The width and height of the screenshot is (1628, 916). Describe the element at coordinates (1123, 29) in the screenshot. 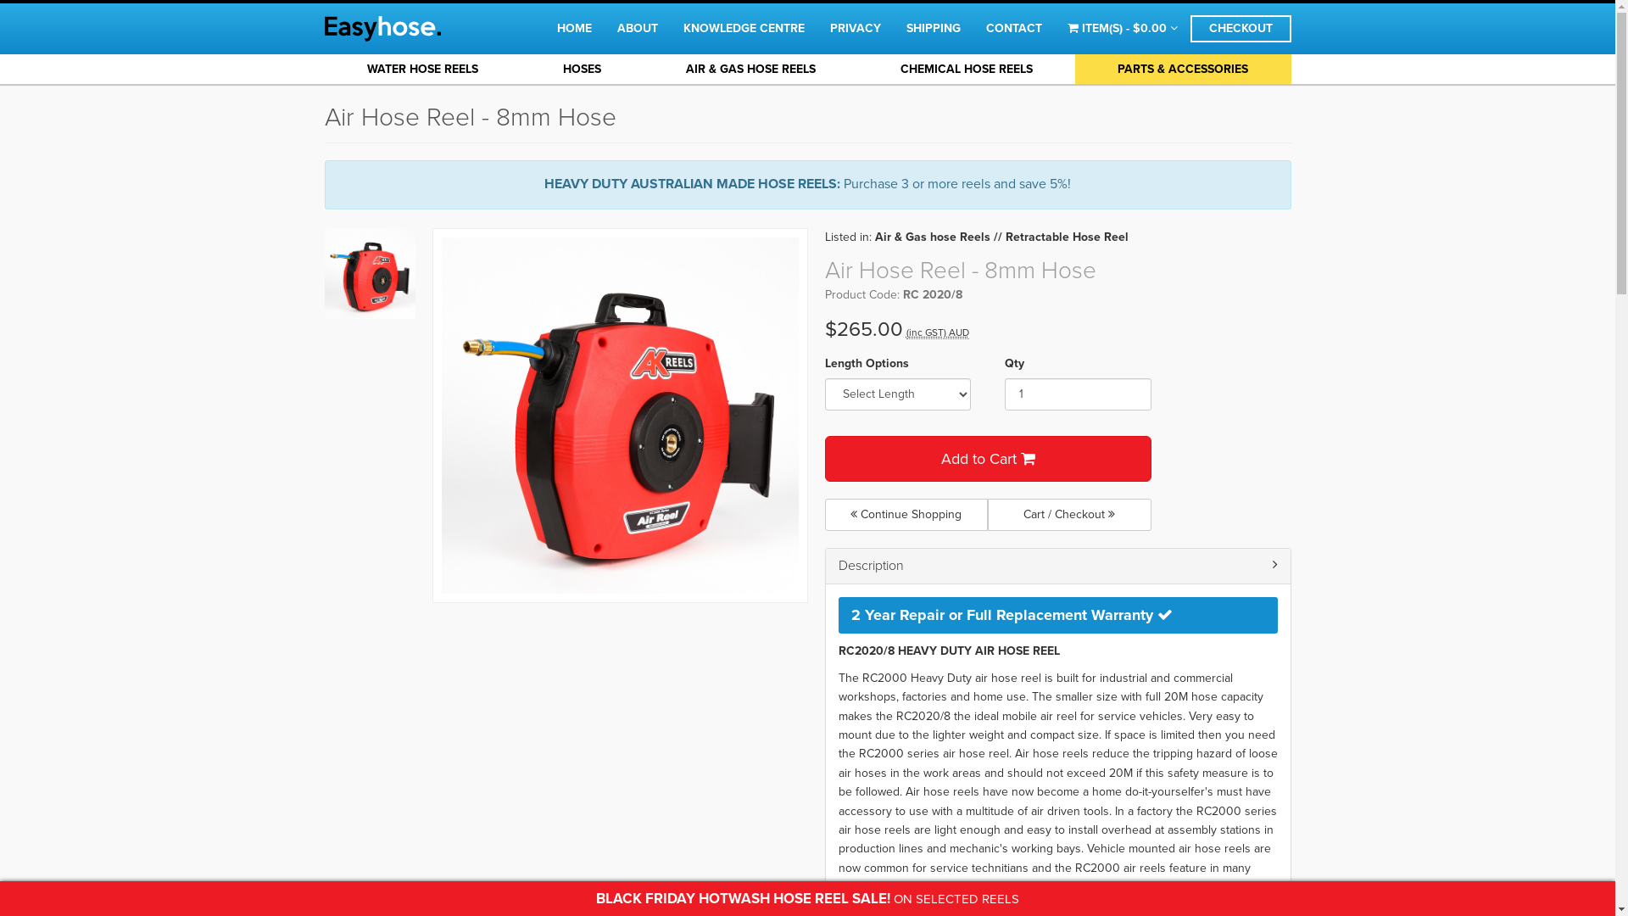

I see `'ITEM(S) - $0.00'` at that location.